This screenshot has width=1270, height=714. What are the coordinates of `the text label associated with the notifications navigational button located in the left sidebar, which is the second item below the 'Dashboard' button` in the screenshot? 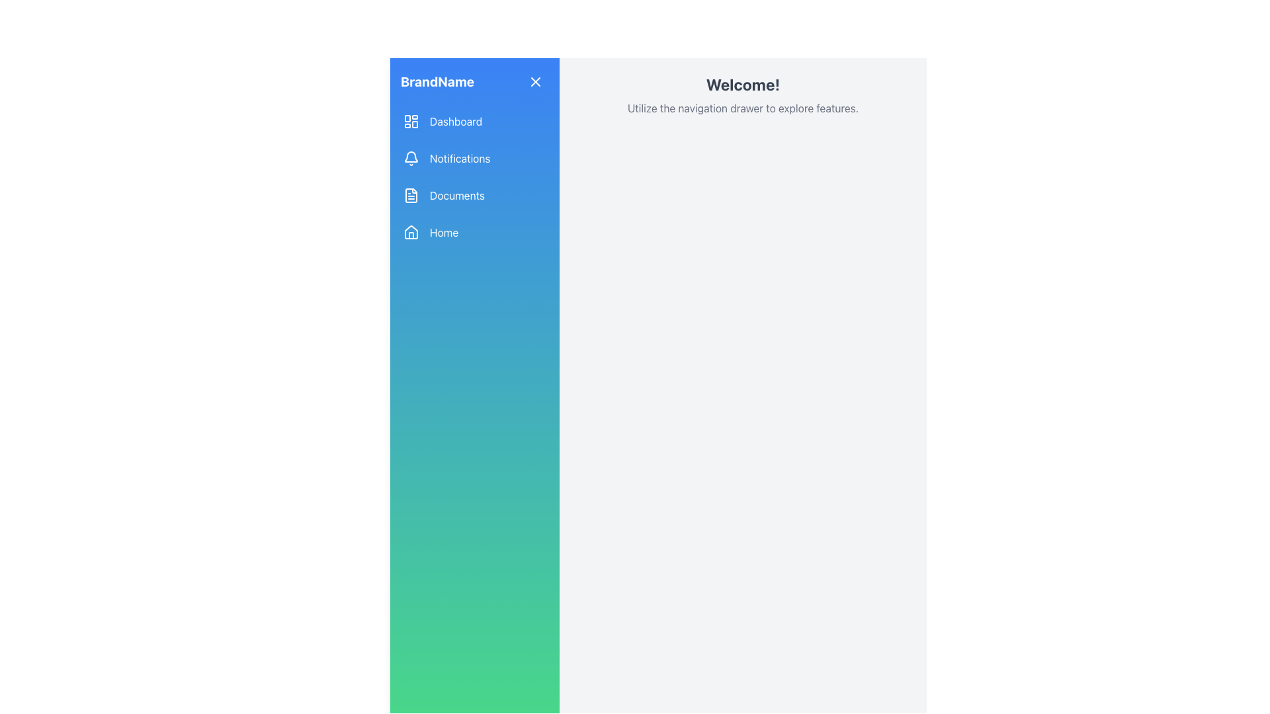 It's located at (460, 157).